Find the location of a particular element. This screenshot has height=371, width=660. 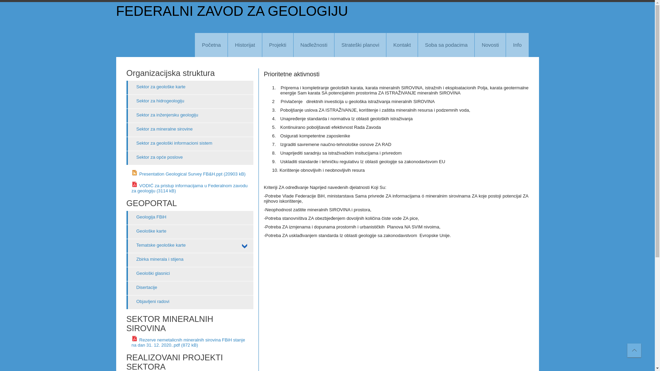

'Historijat' is located at coordinates (244, 45).